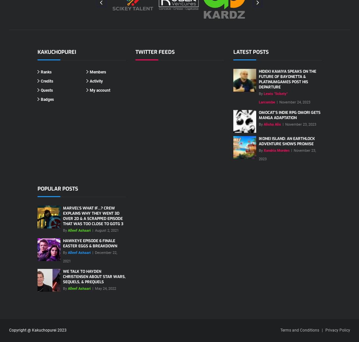 The height and width of the screenshot is (342, 359). I want to click on 'Terms and Conditions', so click(299, 330).